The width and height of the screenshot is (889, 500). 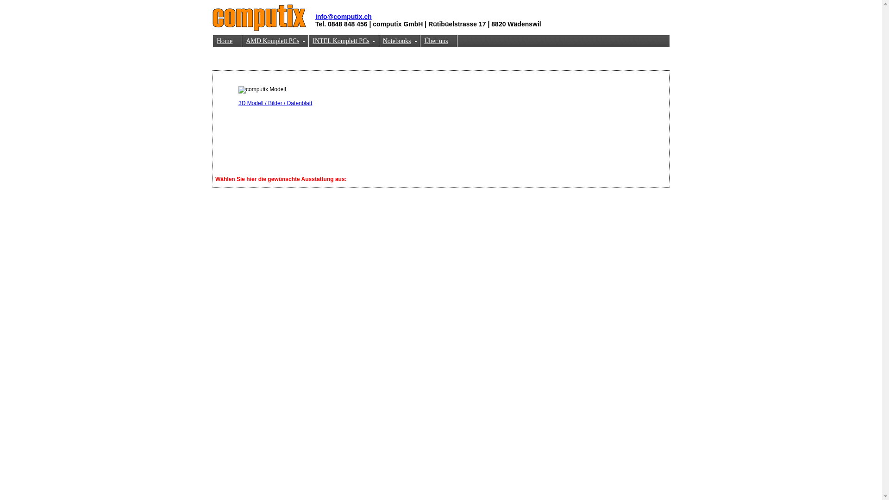 I want to click on 'info@computix.ch', so click(x=315, y=16).